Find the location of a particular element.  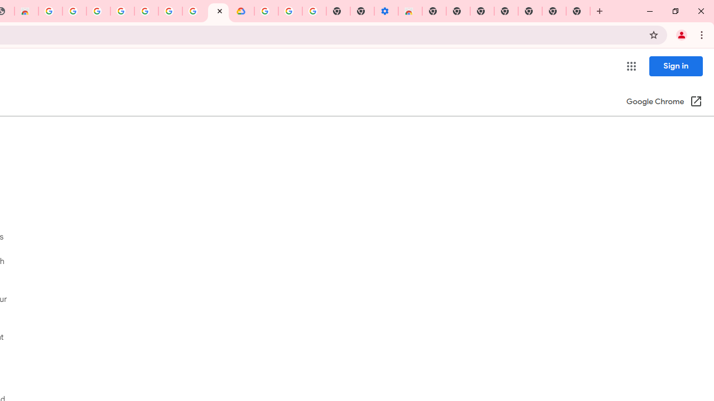

'Sign in' is located at coordinates (675, 66).